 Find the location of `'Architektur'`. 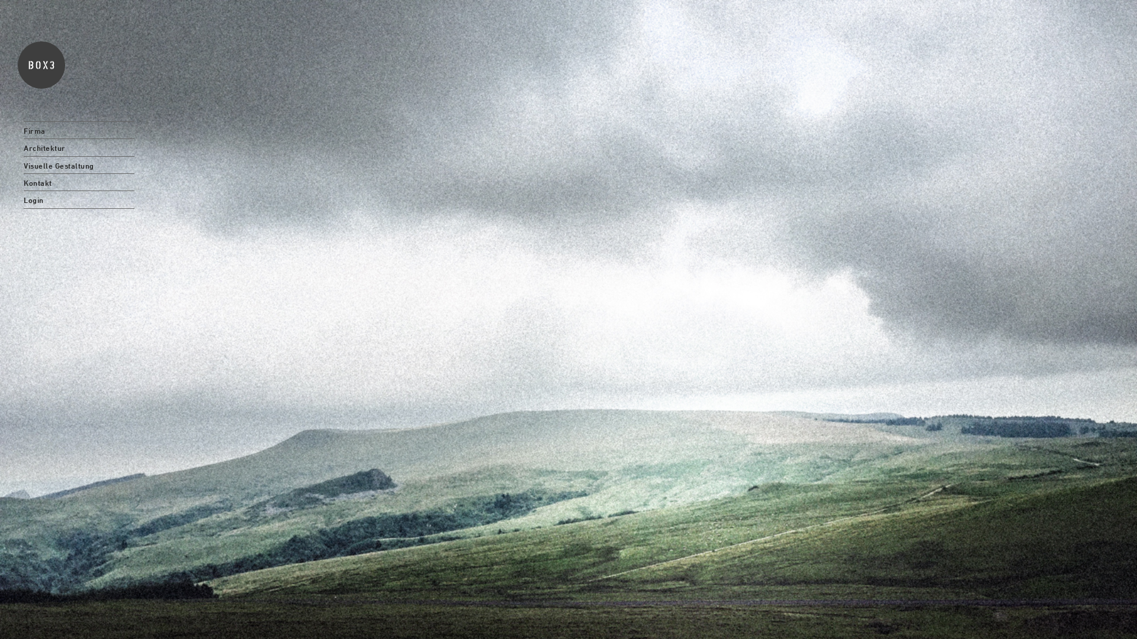

'Architektur' is located at coordinates (78, 147).